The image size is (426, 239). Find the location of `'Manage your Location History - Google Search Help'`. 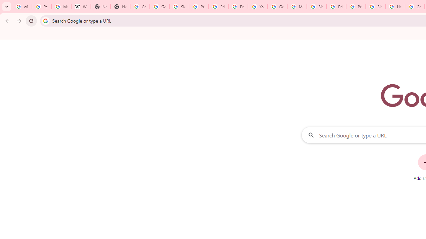

'Manage your Location History - Google Search Help' is located at coordinates (61, 7).